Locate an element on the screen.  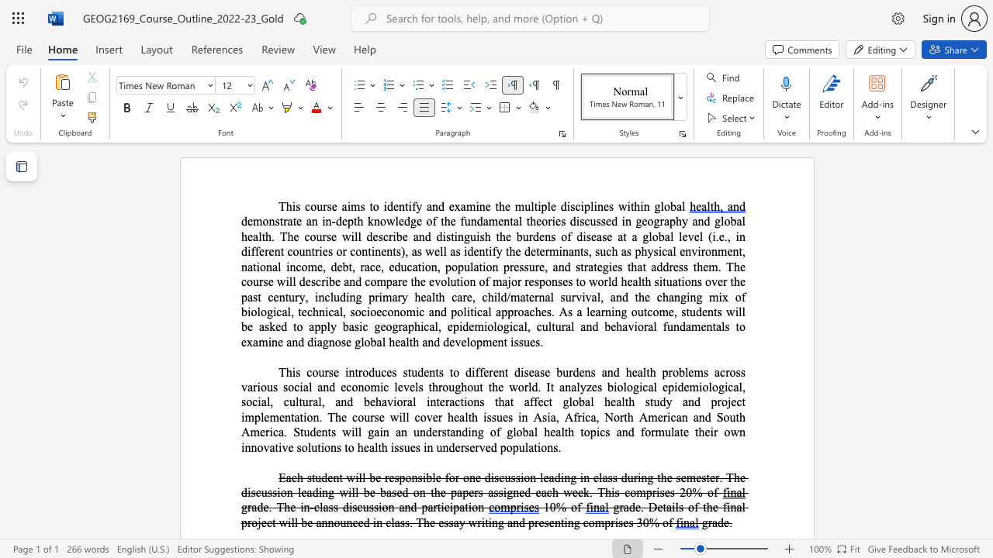
the 1th character "s" in the text is located at coordinates (398, 250).